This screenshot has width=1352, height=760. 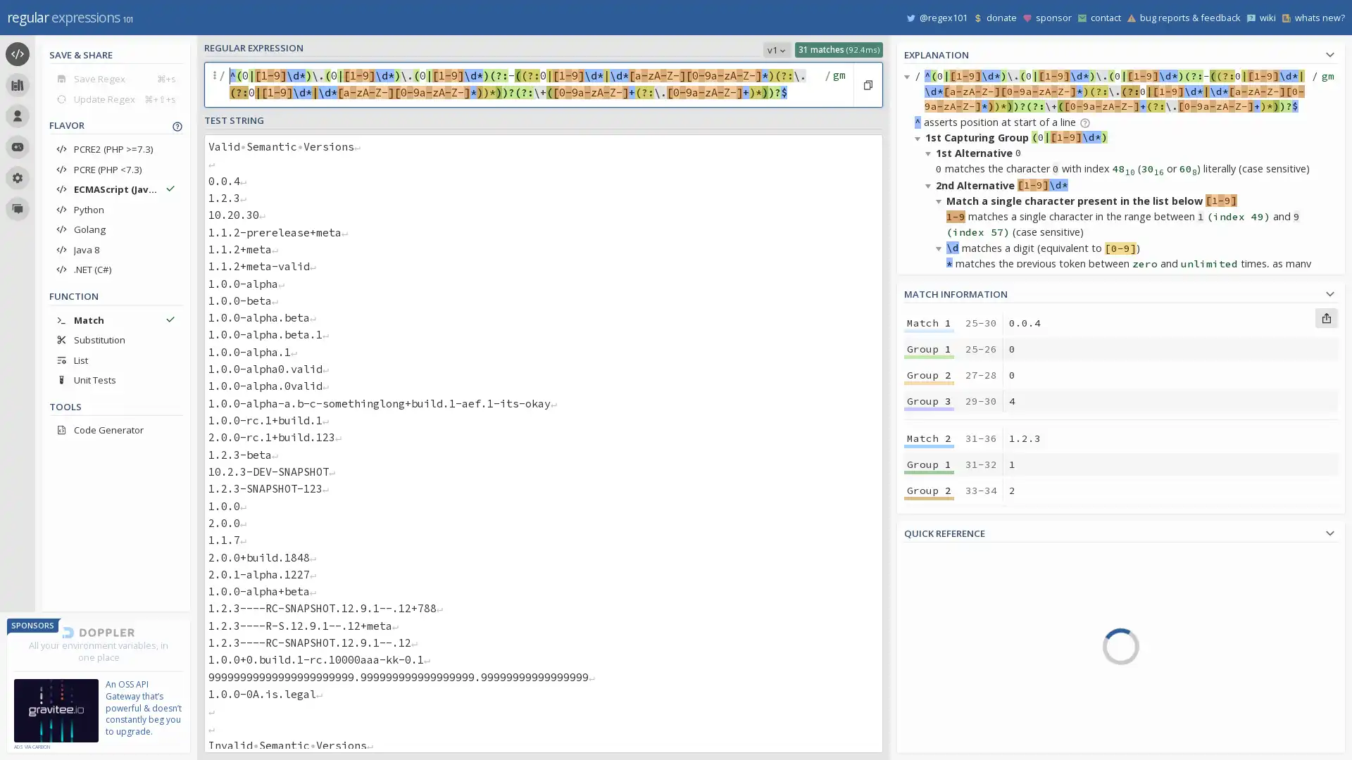 What do you see at coordinates (941, 422) in the screenshot?
I see `Collapse Subtree` at bounding box center [941, 422].